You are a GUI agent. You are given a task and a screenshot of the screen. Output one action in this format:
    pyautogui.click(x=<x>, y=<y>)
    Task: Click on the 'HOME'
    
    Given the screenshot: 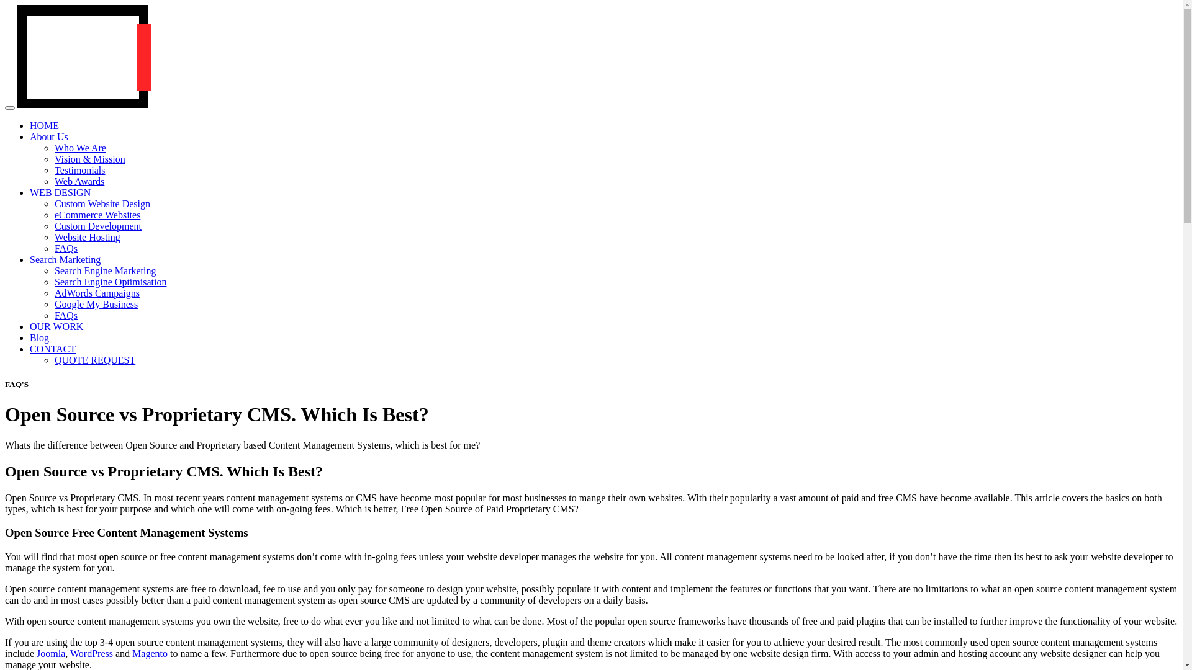 What is the action you would take?
    pyautogui.click(x=44, y=125)
    